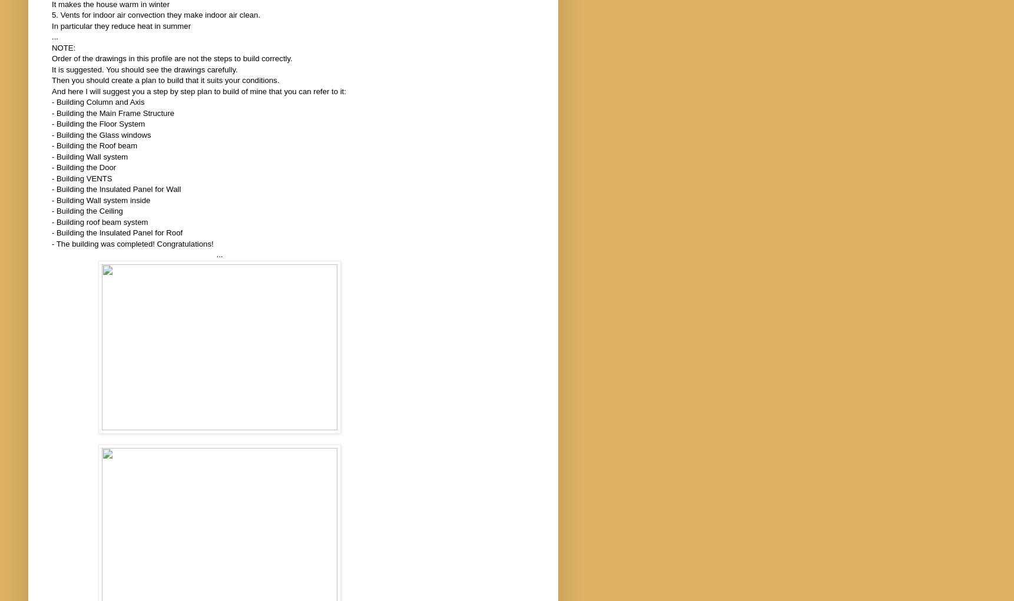 The width and height of the screenshot is (1014, 601). I want to click on '5. Vents for indoor air convection they make indoor air clean.', so click(156, 14).